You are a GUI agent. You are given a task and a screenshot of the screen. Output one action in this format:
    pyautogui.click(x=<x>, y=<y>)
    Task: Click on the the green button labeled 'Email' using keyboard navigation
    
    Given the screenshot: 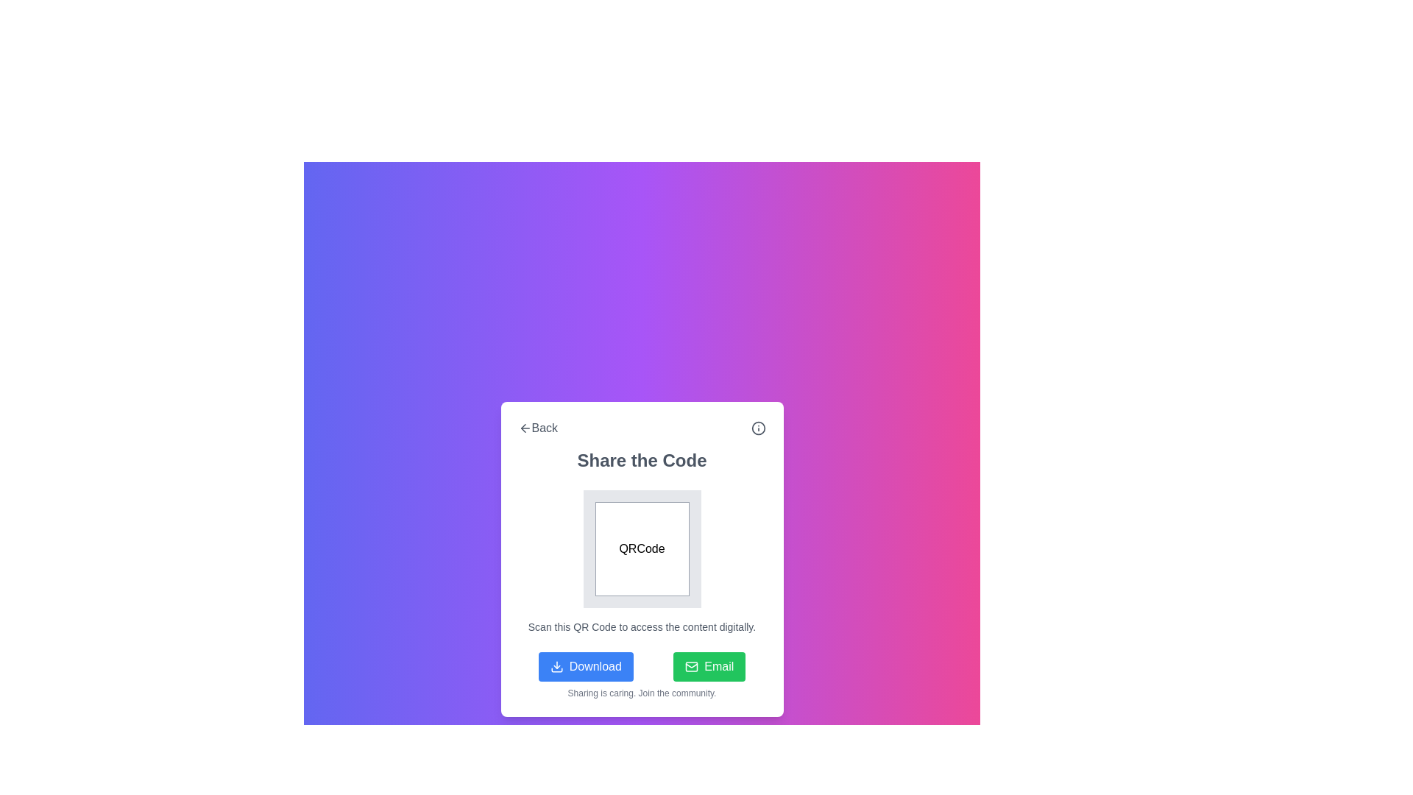 What is the action you would take?
    pyautogui.click(x=709, y=667)
    